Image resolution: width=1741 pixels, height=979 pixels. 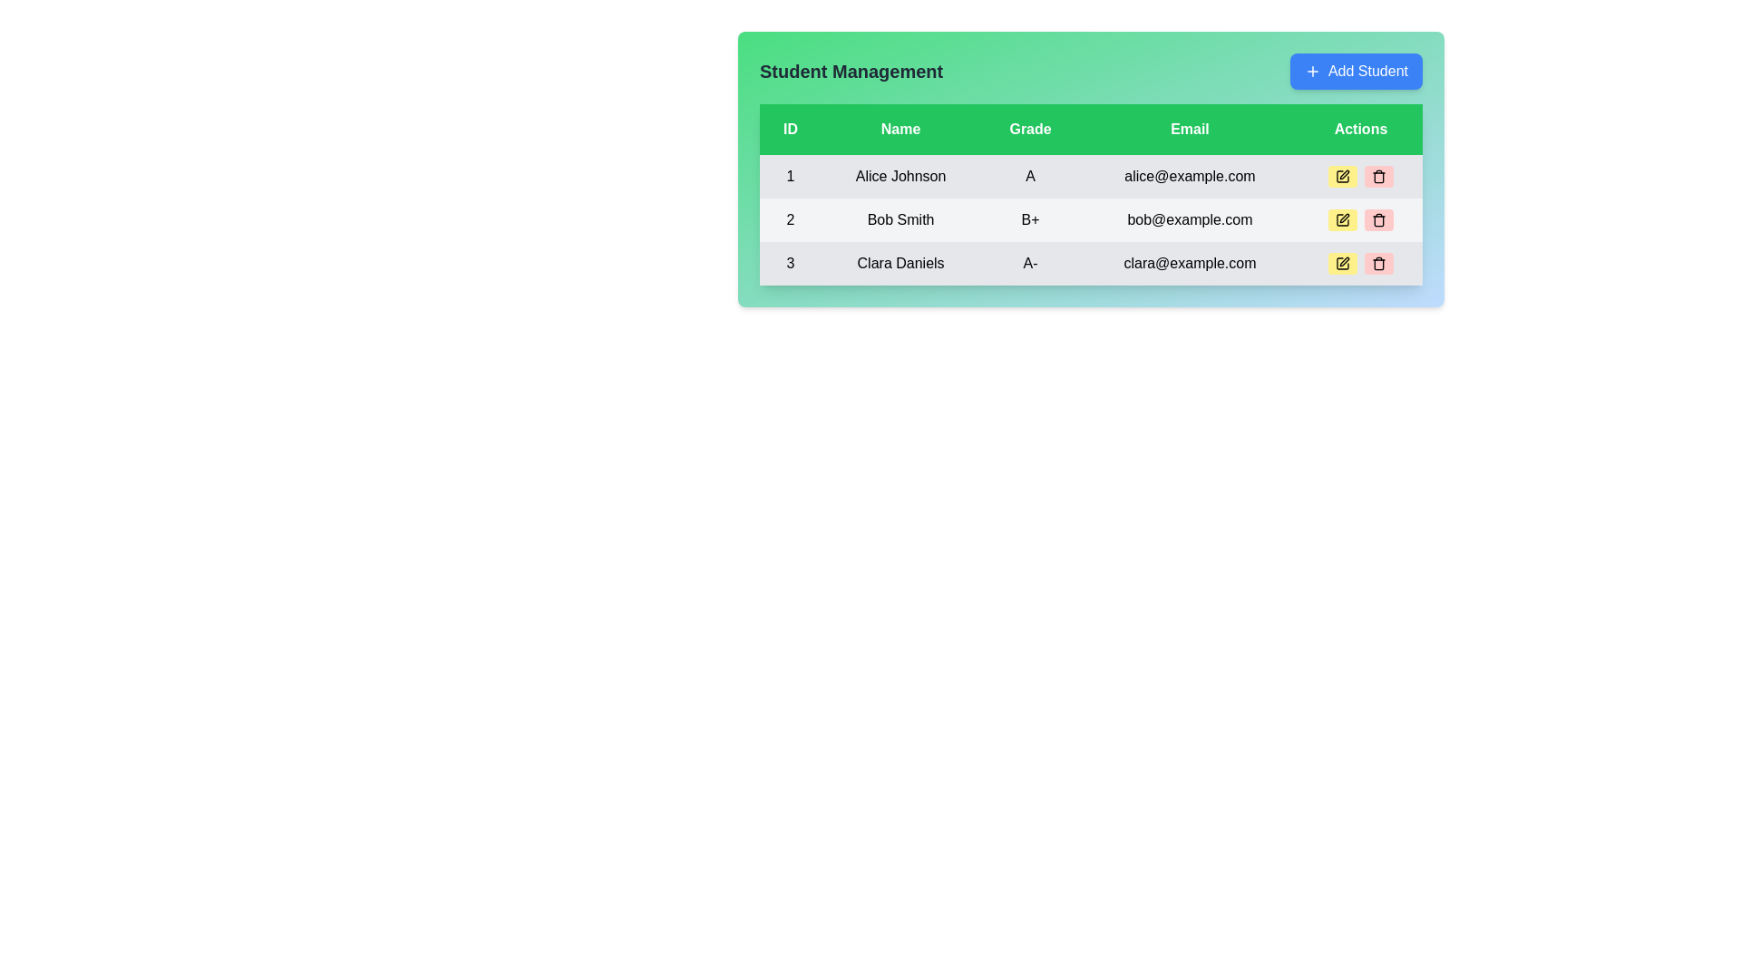 What do you see at coordinates (1030, 263) in the screenshot?
I see `the static text element displaying the grade value 'A-' located in the third row of the table under the 'Grade' column` at bounding box center [1030, 263].